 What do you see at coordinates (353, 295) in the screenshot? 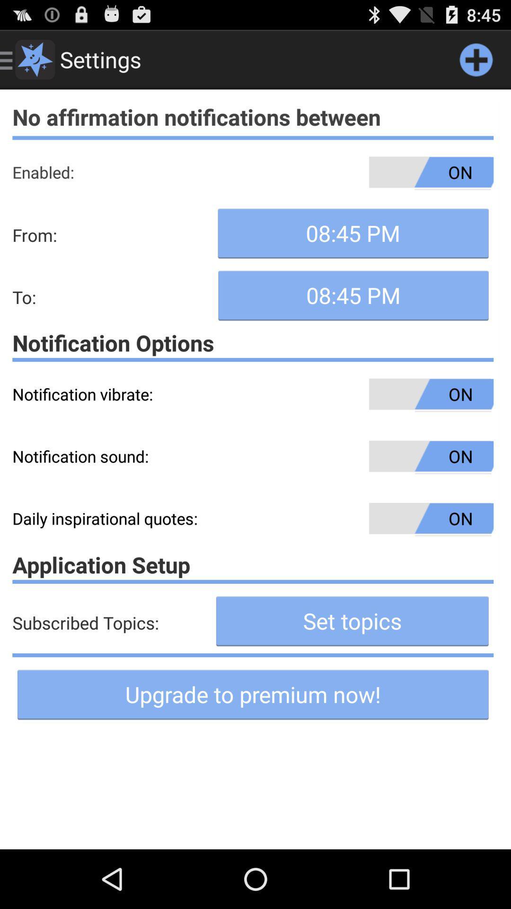
I see `the button beside to` at bounding box center [353, 295].